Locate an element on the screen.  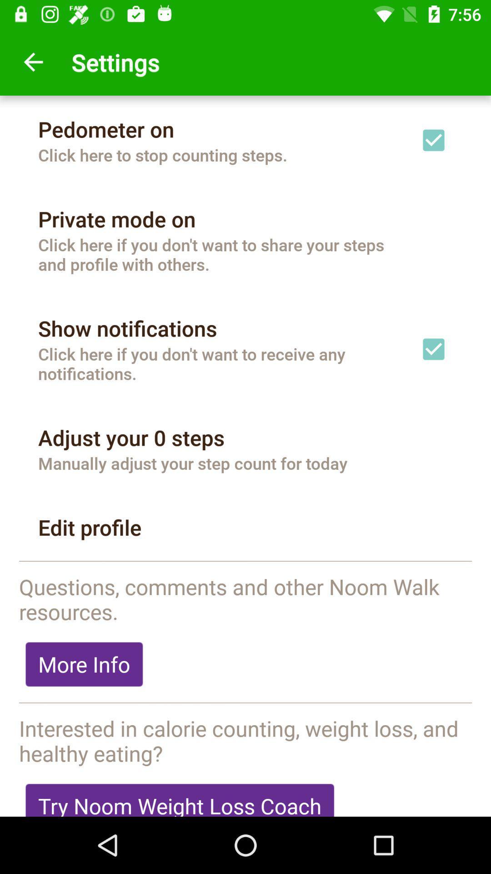
try noom weight icon is located at coordinates (180, 796).